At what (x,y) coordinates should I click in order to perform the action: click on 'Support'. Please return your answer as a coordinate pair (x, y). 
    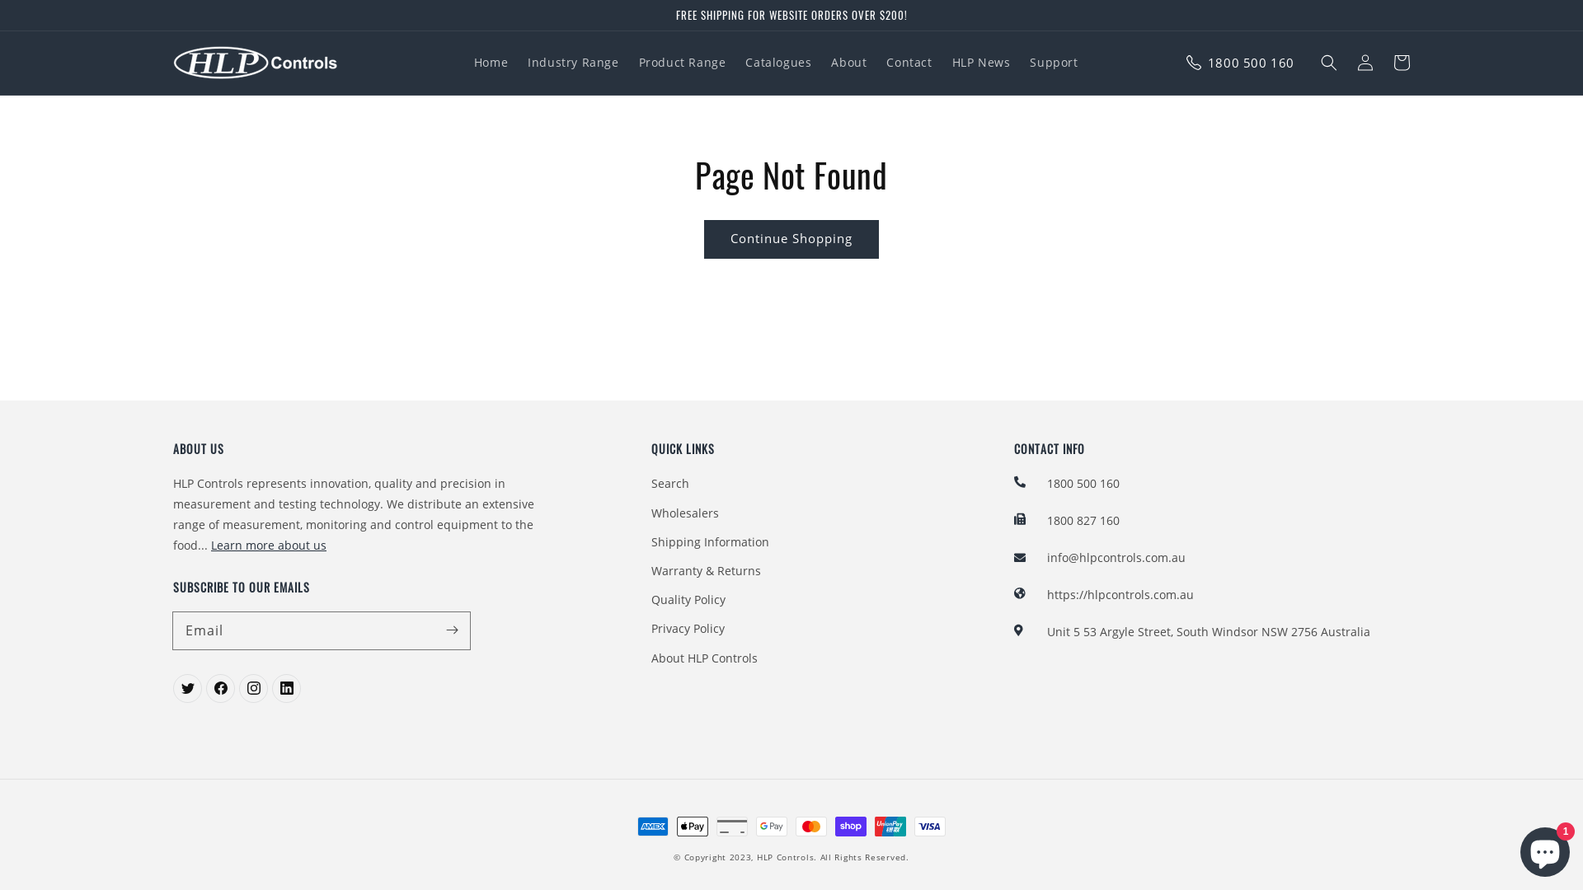
    Looking at the image, I should click on (1052, 62).